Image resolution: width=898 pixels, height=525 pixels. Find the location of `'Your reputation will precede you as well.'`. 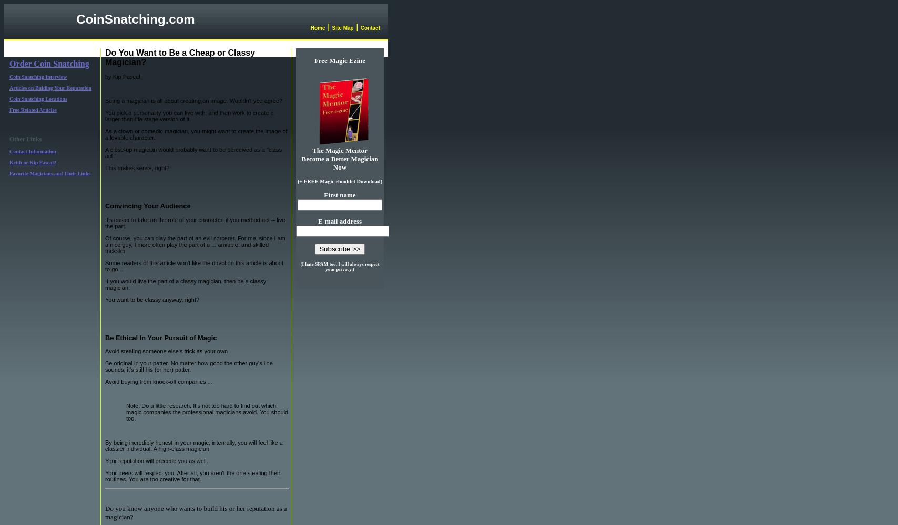

'Your reputation will precede you as well.' is located at coordinates (156, 461).